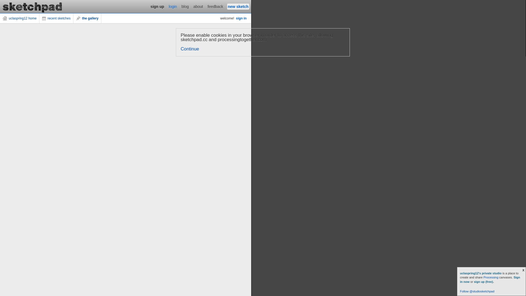 The height and width of the screenshot is (296, 526). What do you see at coordinates (477, 291) in the screenshot?
I see `'Follow @studiosketchpad'` at bounding box center [477, 291].